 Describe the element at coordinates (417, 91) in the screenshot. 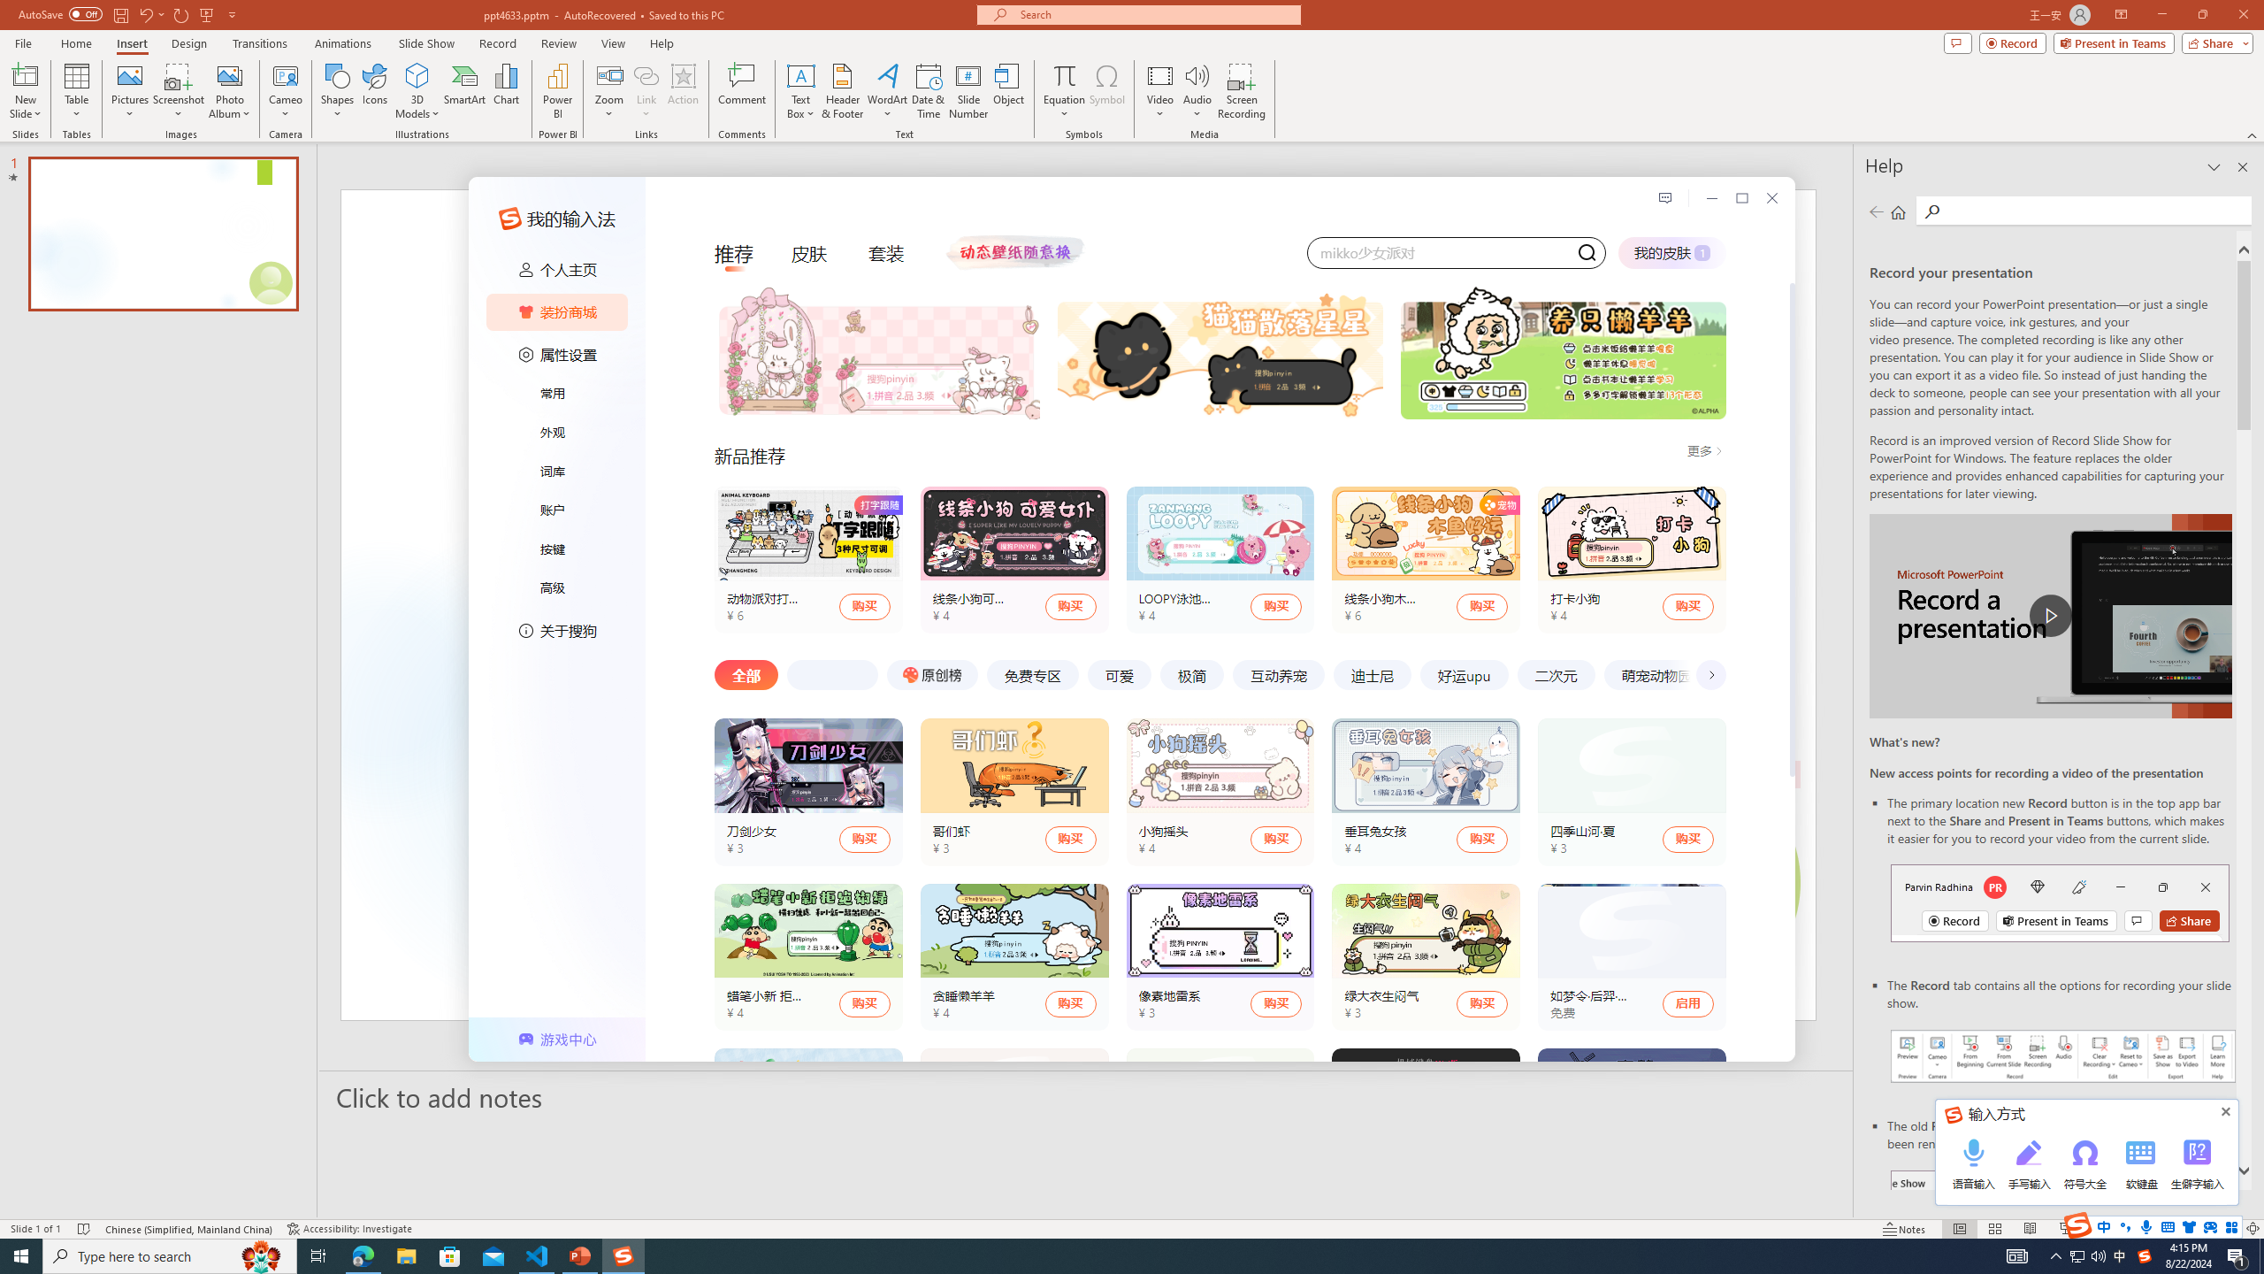

I see `'3D Models'` at that location.